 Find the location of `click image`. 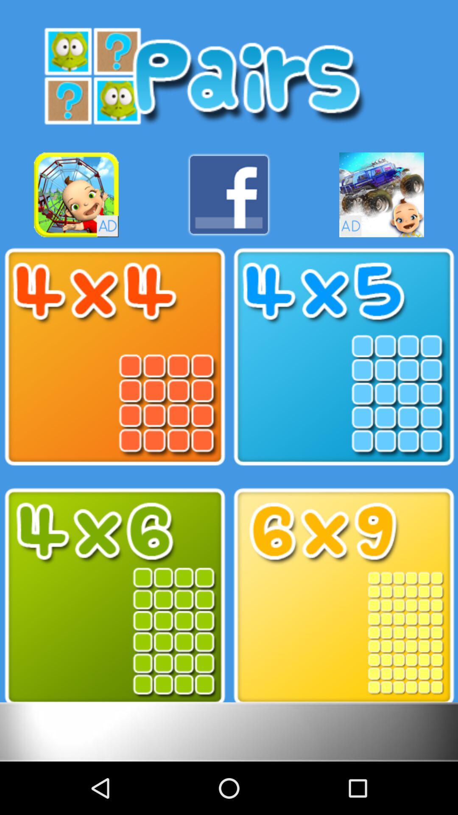

click image is located at coordinates (343, 596).